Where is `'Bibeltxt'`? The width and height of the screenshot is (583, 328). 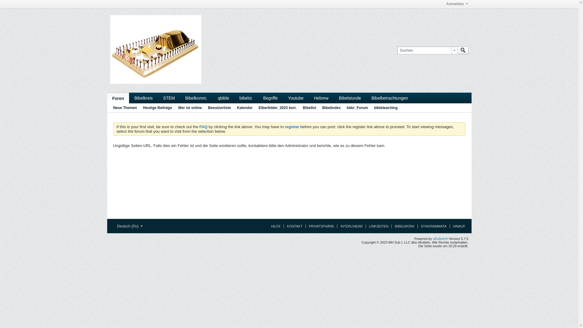
'Bibeltxt' is located at coordinates (303, 108).